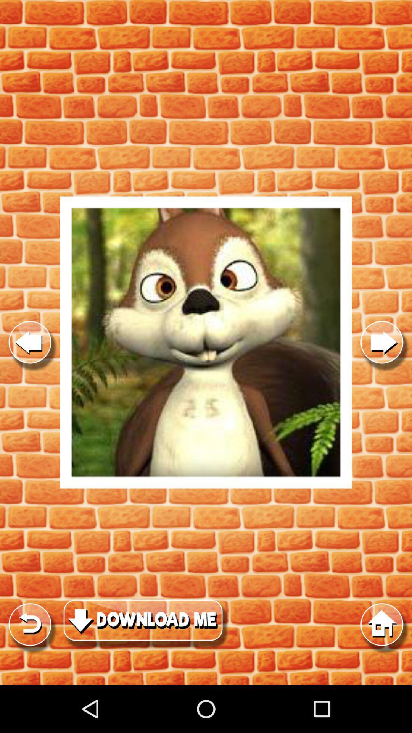 This screenshot has height=733, width=412. Describe the element at coordinates (29, 668) in the screenshot. I see `the undo icon` at that location.